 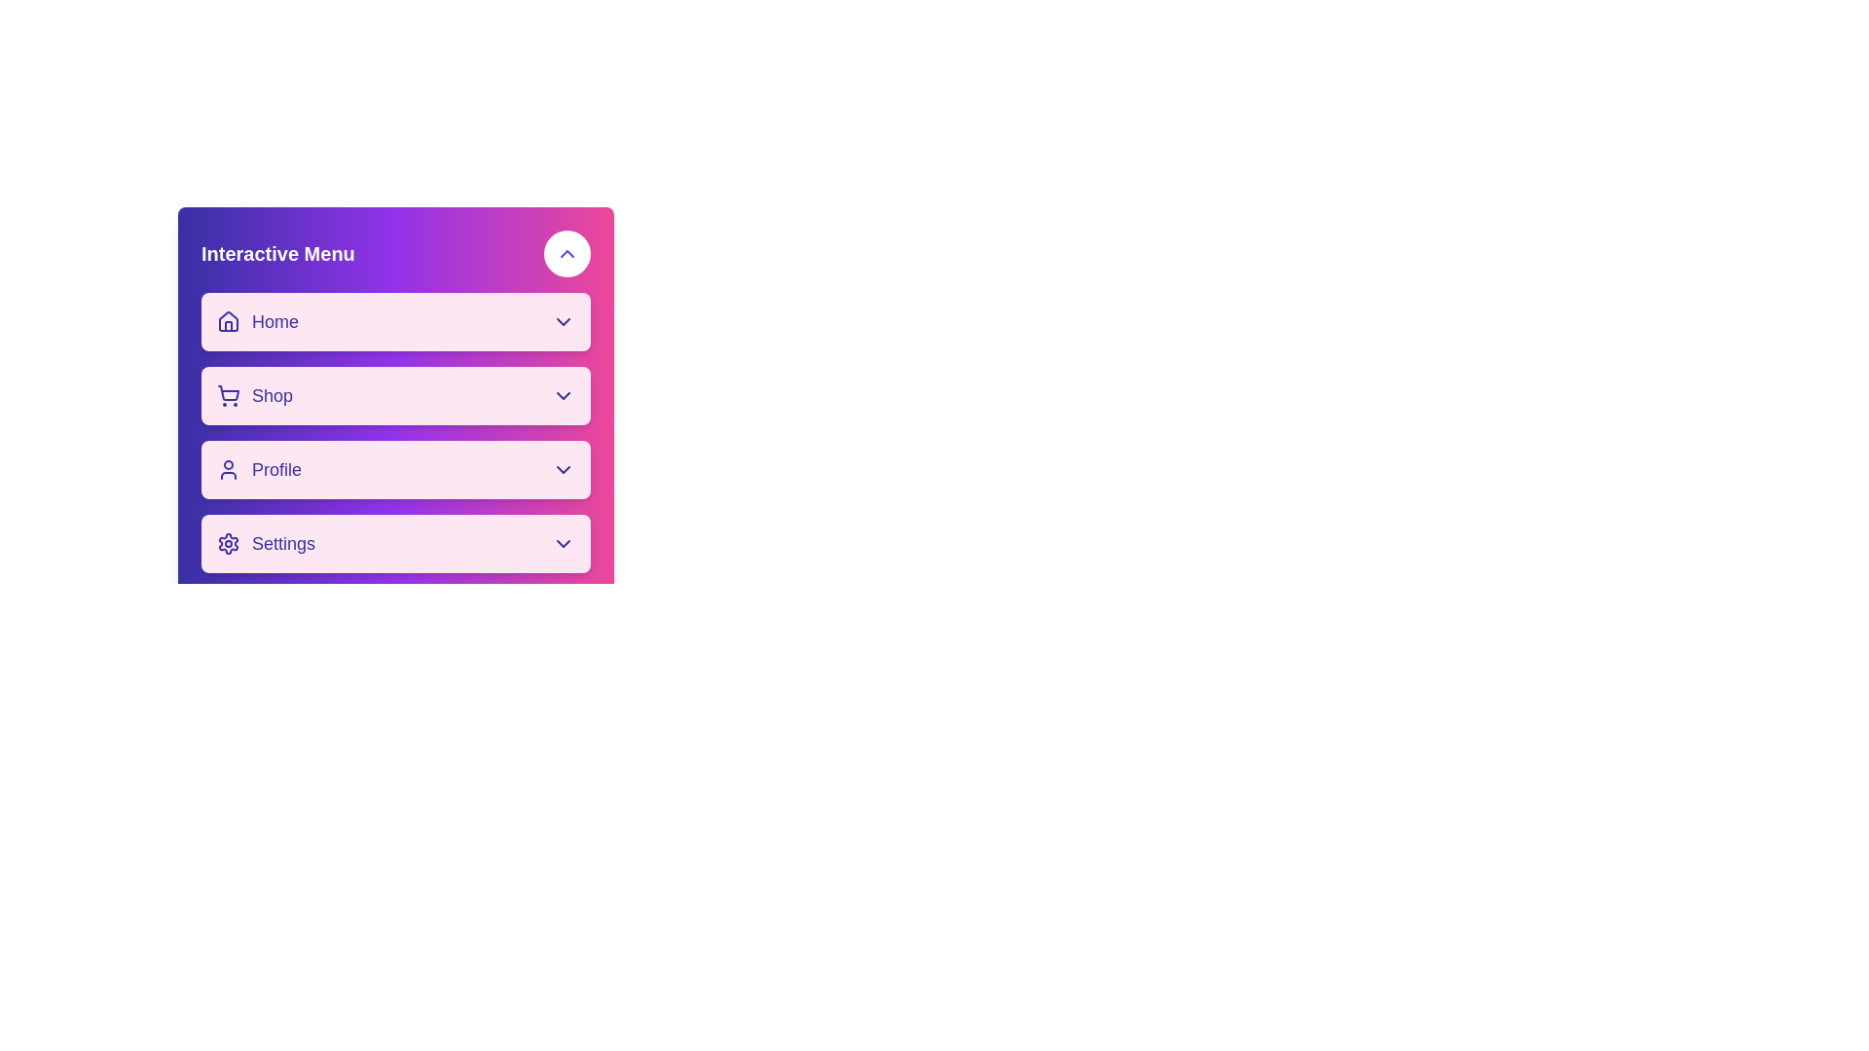 I want to click on the cogwheel icon representing the settings option, which is located to the left of the 'Settings' text in the vertical menu layout, so click(x=229, y=544).